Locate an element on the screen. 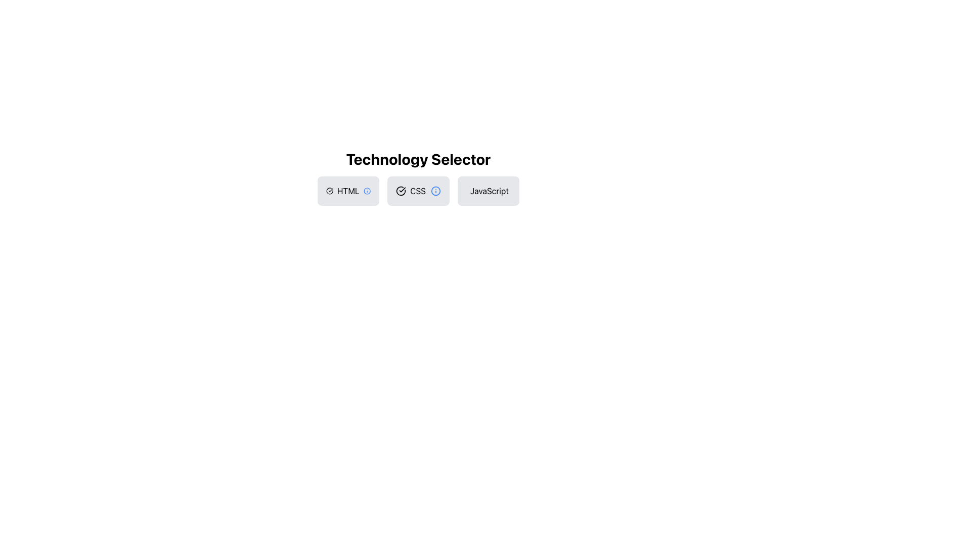 This screenshot has width=971, height=546. the SVG circle that forms the outer circular boundary of the information icon, which is located to the right of the 'CSS' button is located at coordinates (366, 191).